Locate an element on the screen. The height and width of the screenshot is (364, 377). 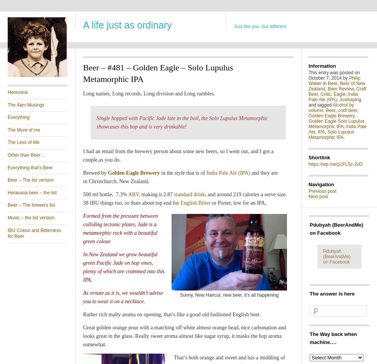
'and they are in Christchurch, New Zealand.' is located at coordinates (180, 177).